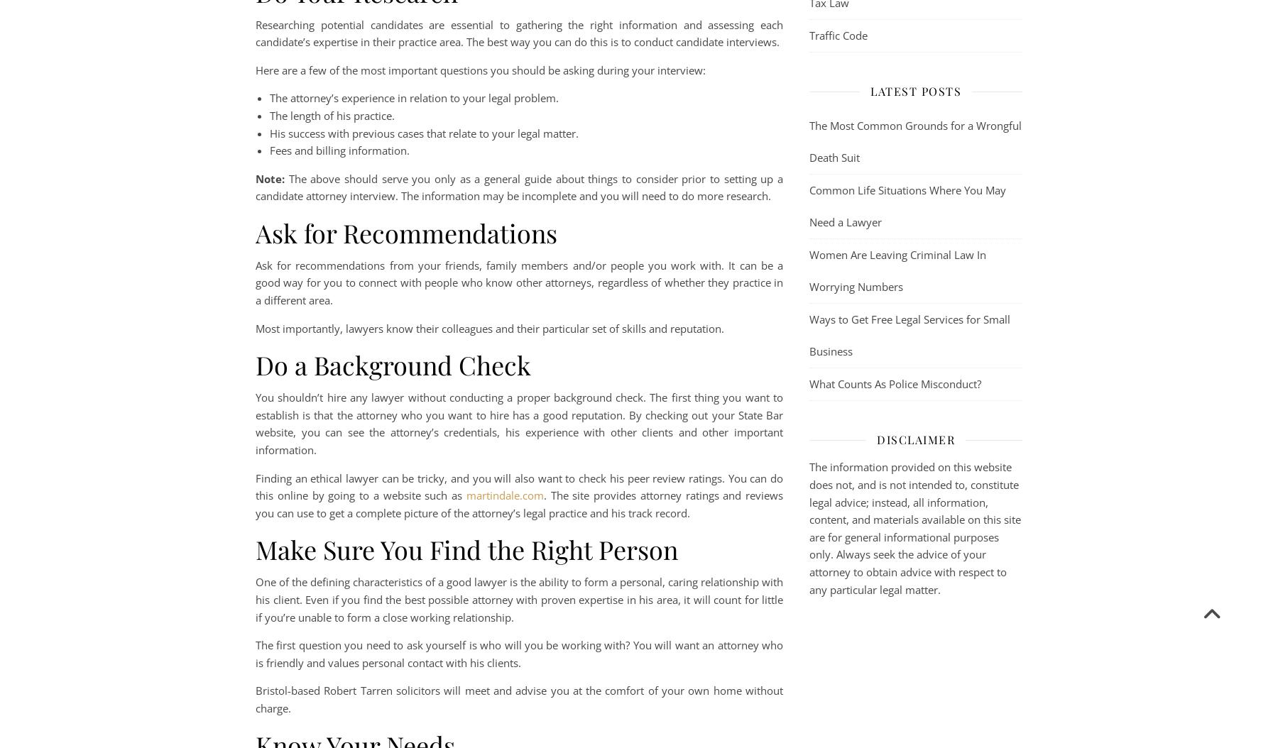 The height and width of the screenshot is (748, 1278). What do you see at coordinates (256, 69) in the screenshot?
I see `'Here are a few of the most important questions you should be asking during your interview:'` at bounding box center [256, 69].